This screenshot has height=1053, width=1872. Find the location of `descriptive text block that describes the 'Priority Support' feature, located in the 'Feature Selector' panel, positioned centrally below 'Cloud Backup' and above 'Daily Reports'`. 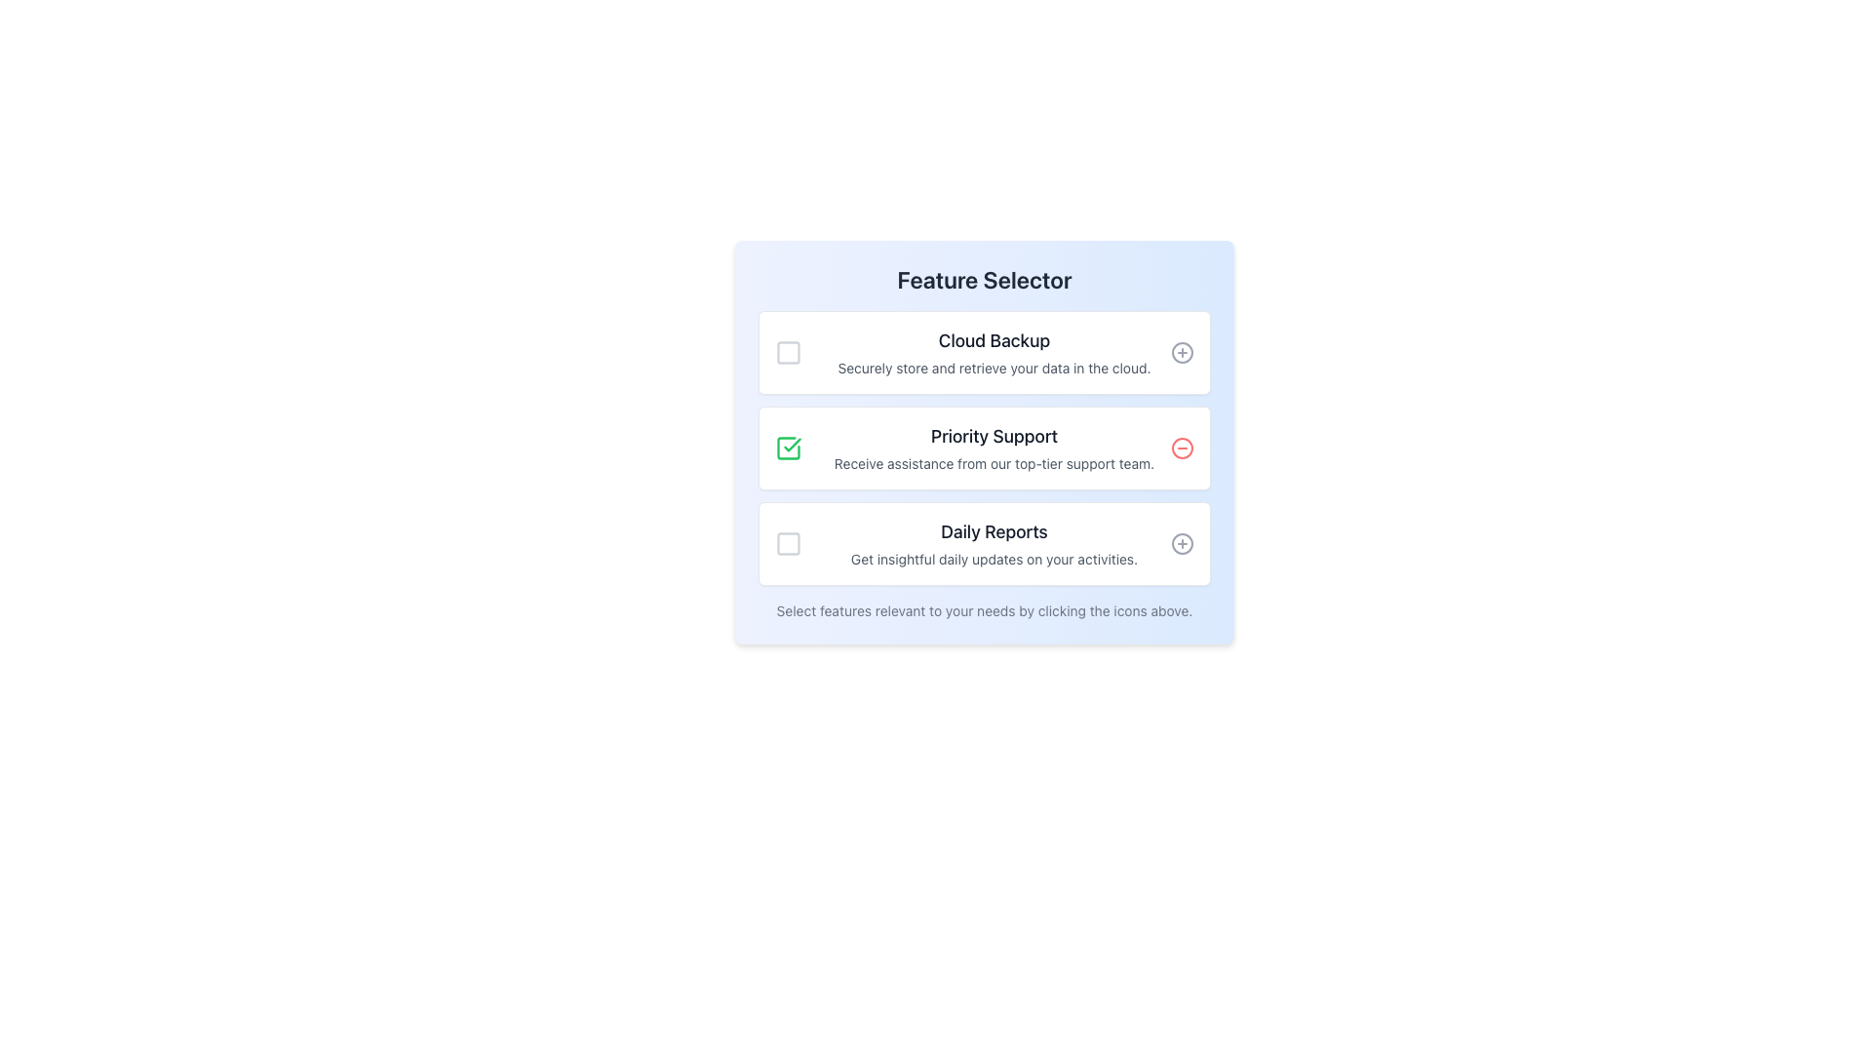

descriptive text block that describes the 'Priority Support' feature, located in the 'Feature Selector' panel, positioned centrally below 'Cloud Backup' and above 'Daily Reports' is located at coordinates (994, 448).